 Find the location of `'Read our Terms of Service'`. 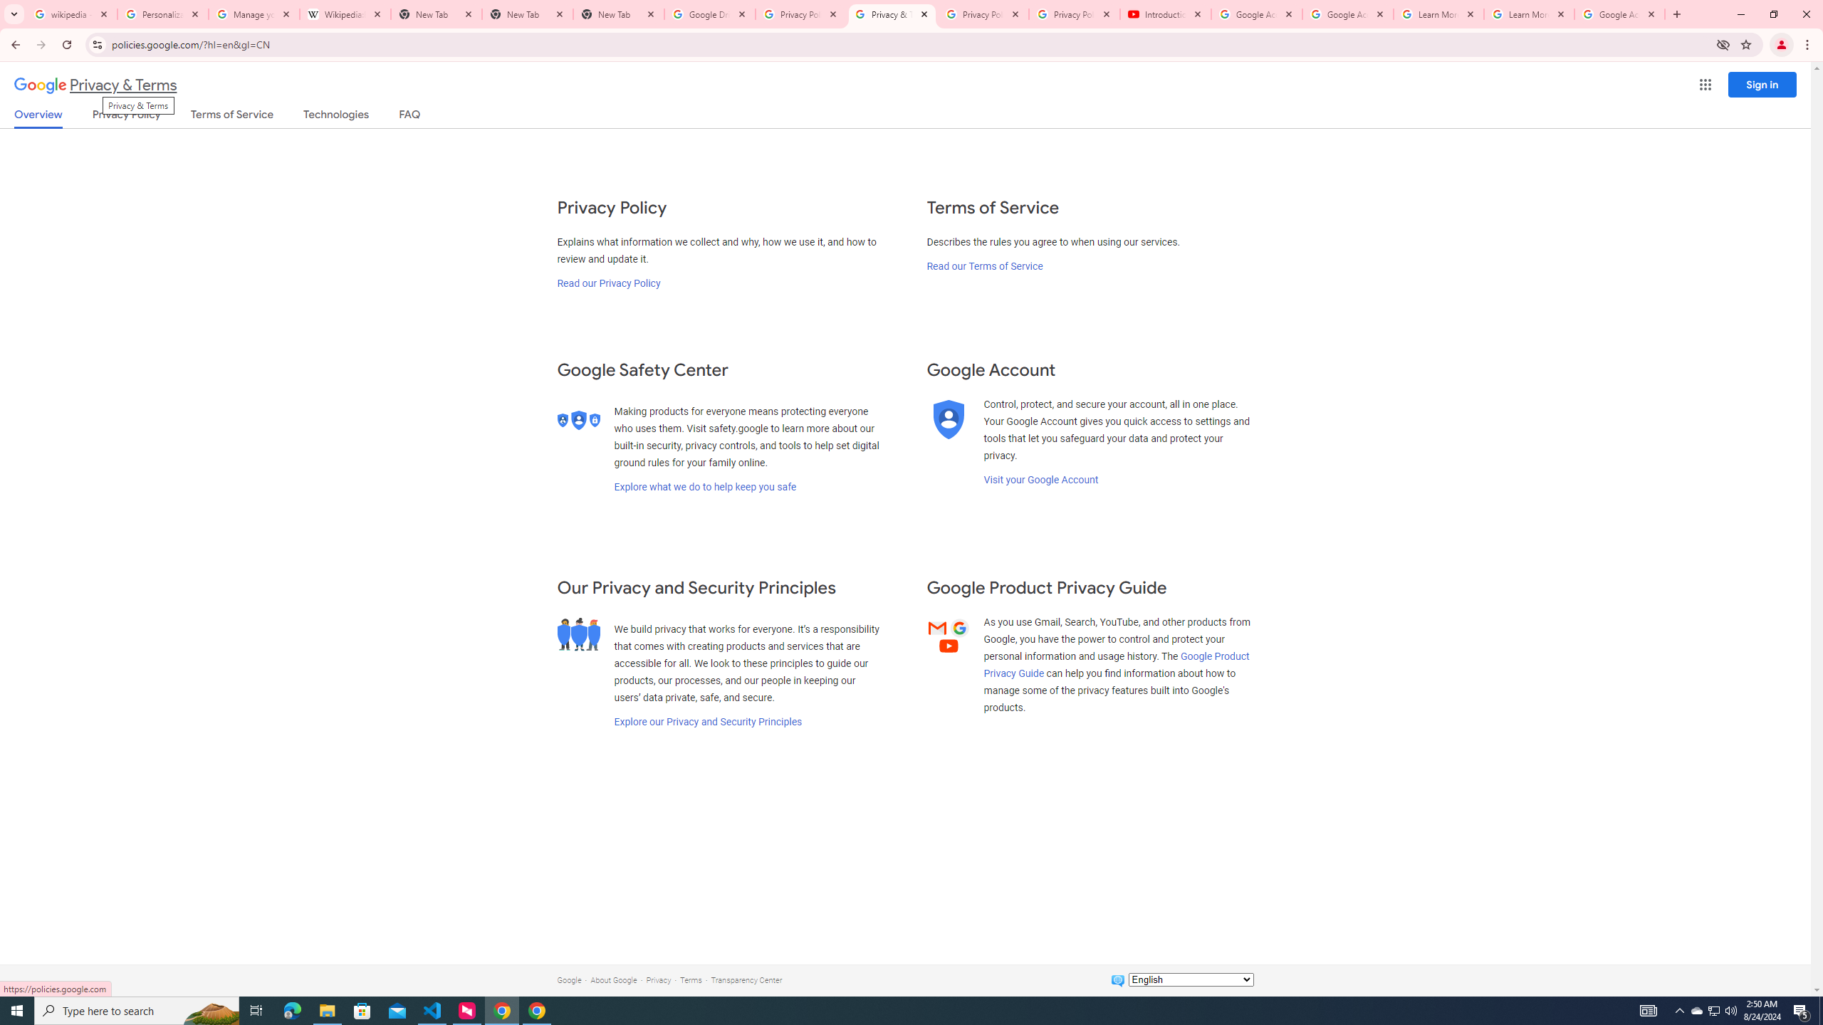

'Read our Terms of Service' is located at coordinates (983, 265).